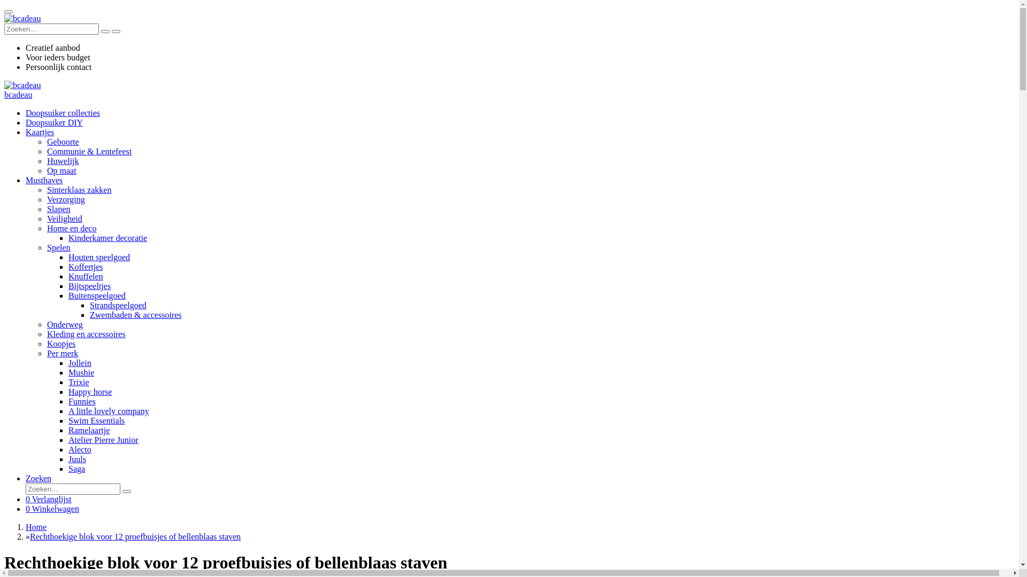  I want to click on 'Musthaves', so click(43, 180).